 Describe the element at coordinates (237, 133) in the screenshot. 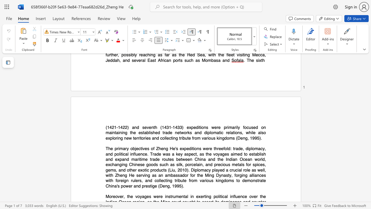

I see `the space between the continuous character "o" and "n" in the text` at that location.